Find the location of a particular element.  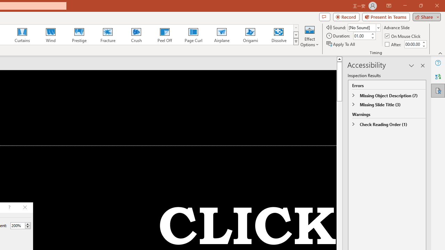

'Page Curl' is located at coordinates (193, 35).